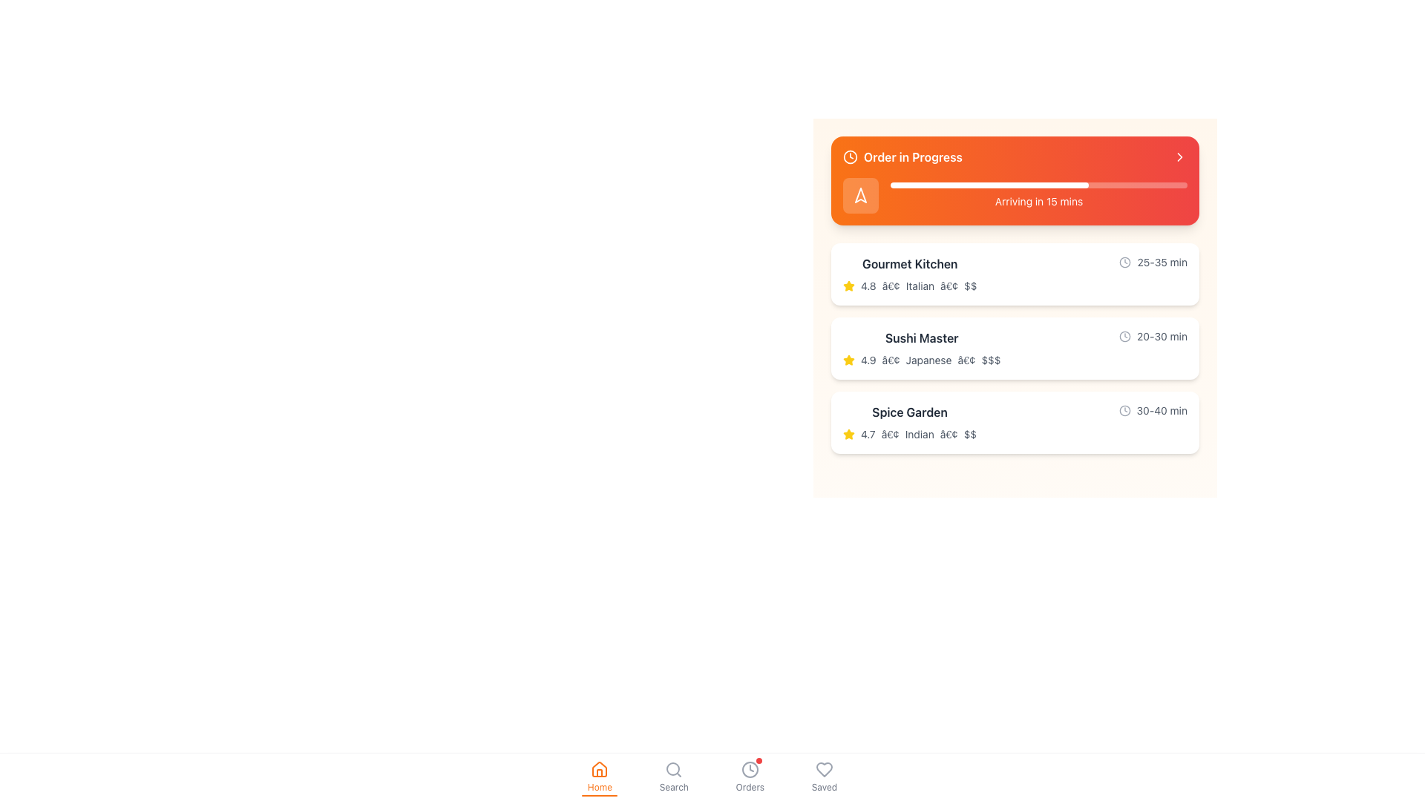 Image resolution: width=1425 pixels, height=801 pixels. I want to click on the 'Home' icon located in the bottom navigation bar, so click(600, 768).